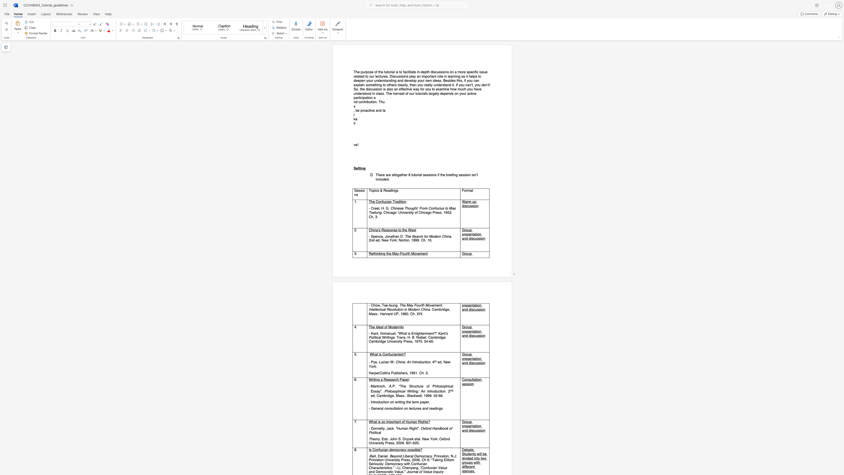 The height and width of the screenshot is (475, 844). What do you see at coordinates (354, 110) in the screenshot?
I see `the subset text ", be proactive a" within the text ", be proactive and ta"` at bounding box center [354, 110].